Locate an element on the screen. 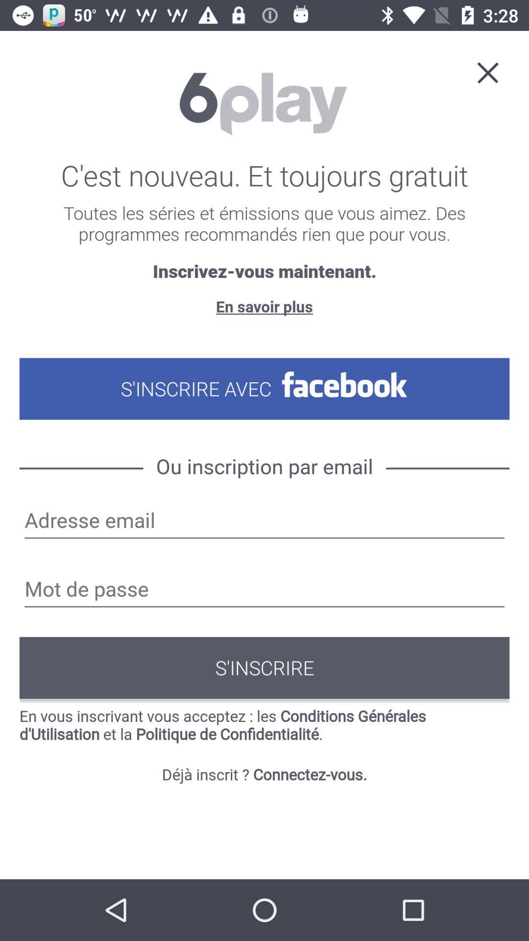  icon below the en vous inscrivant is located at coordinates (264, 773).